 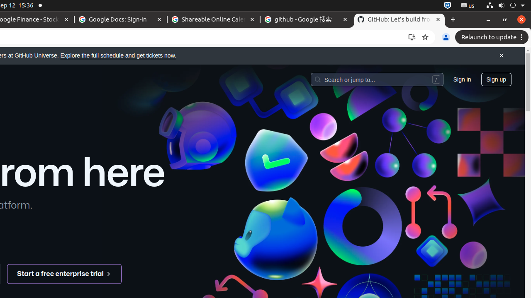 What do you see at coordinates (447, 5) in the screenshot?
I see `':1.72/StatusNotifierItem'` at bounding box center [447, 5].